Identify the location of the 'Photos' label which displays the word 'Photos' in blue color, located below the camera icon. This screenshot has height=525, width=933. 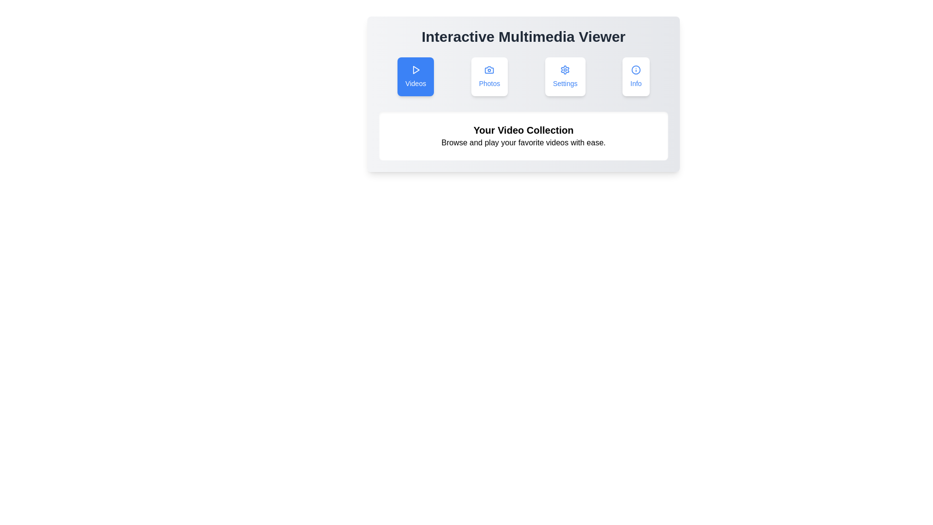
(489, 83).